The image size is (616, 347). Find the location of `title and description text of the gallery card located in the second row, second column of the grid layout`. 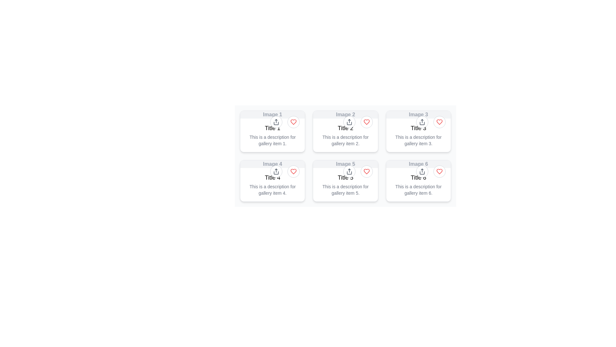

title and description text of the gallery card located in the second row, second column of the grid layout is located at coordinates (345, 181).